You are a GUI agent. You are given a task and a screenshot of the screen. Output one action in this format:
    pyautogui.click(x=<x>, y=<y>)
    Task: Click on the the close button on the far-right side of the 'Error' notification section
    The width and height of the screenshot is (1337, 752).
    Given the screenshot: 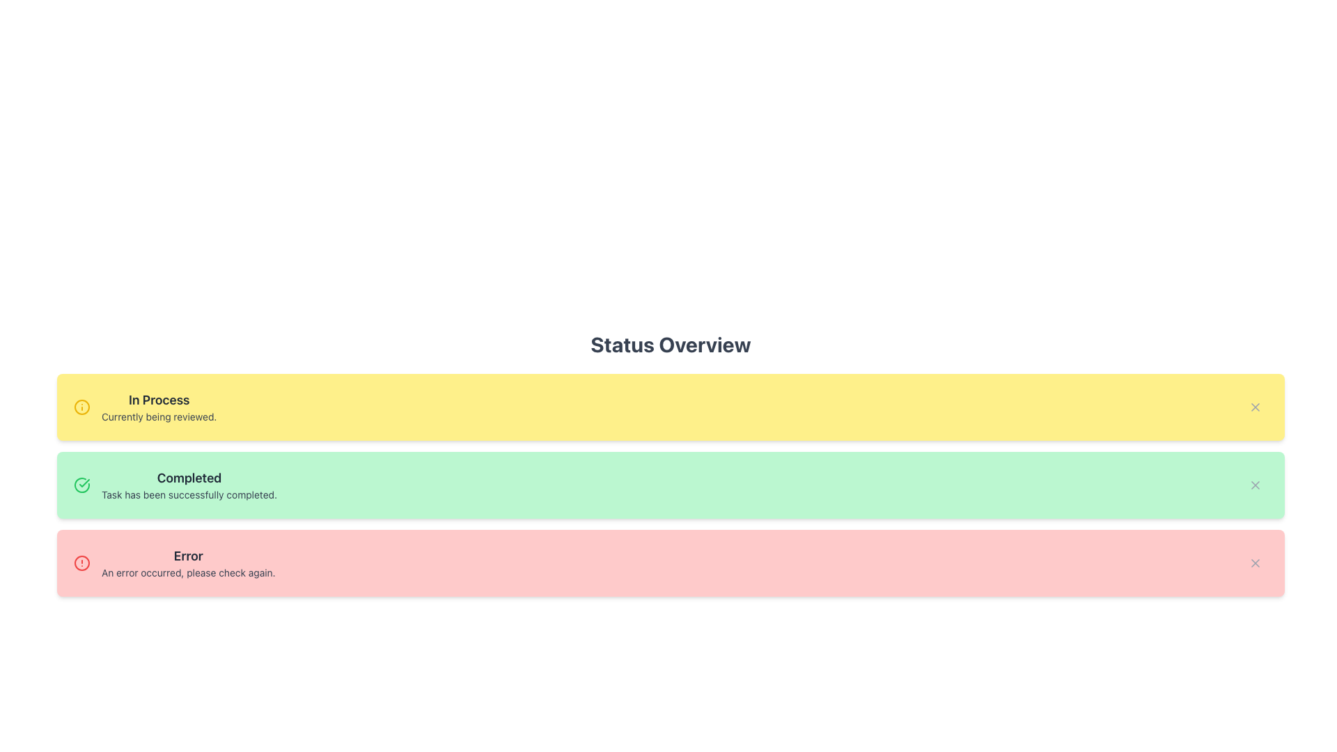 What is the action you would take?
    pyautogui.click(x=1256, y=563)
    